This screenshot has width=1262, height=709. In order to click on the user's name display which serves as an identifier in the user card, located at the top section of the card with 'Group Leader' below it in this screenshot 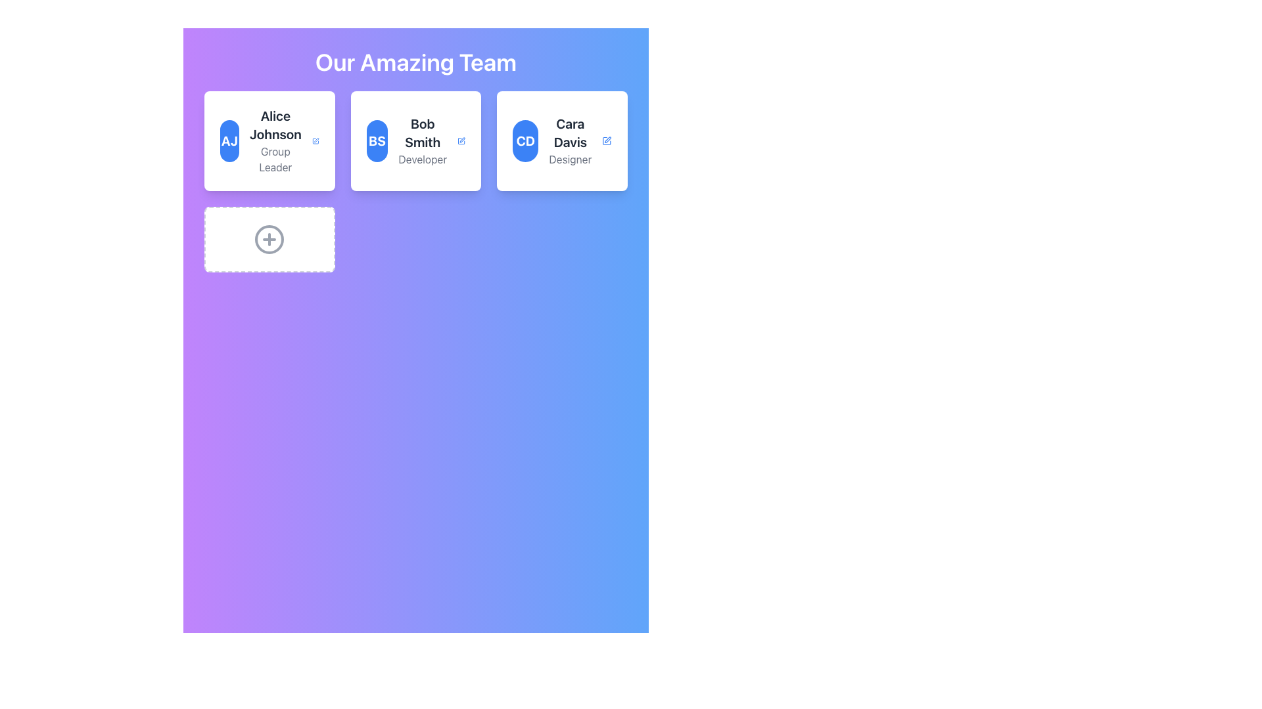, I will do `click(275, 125)`.